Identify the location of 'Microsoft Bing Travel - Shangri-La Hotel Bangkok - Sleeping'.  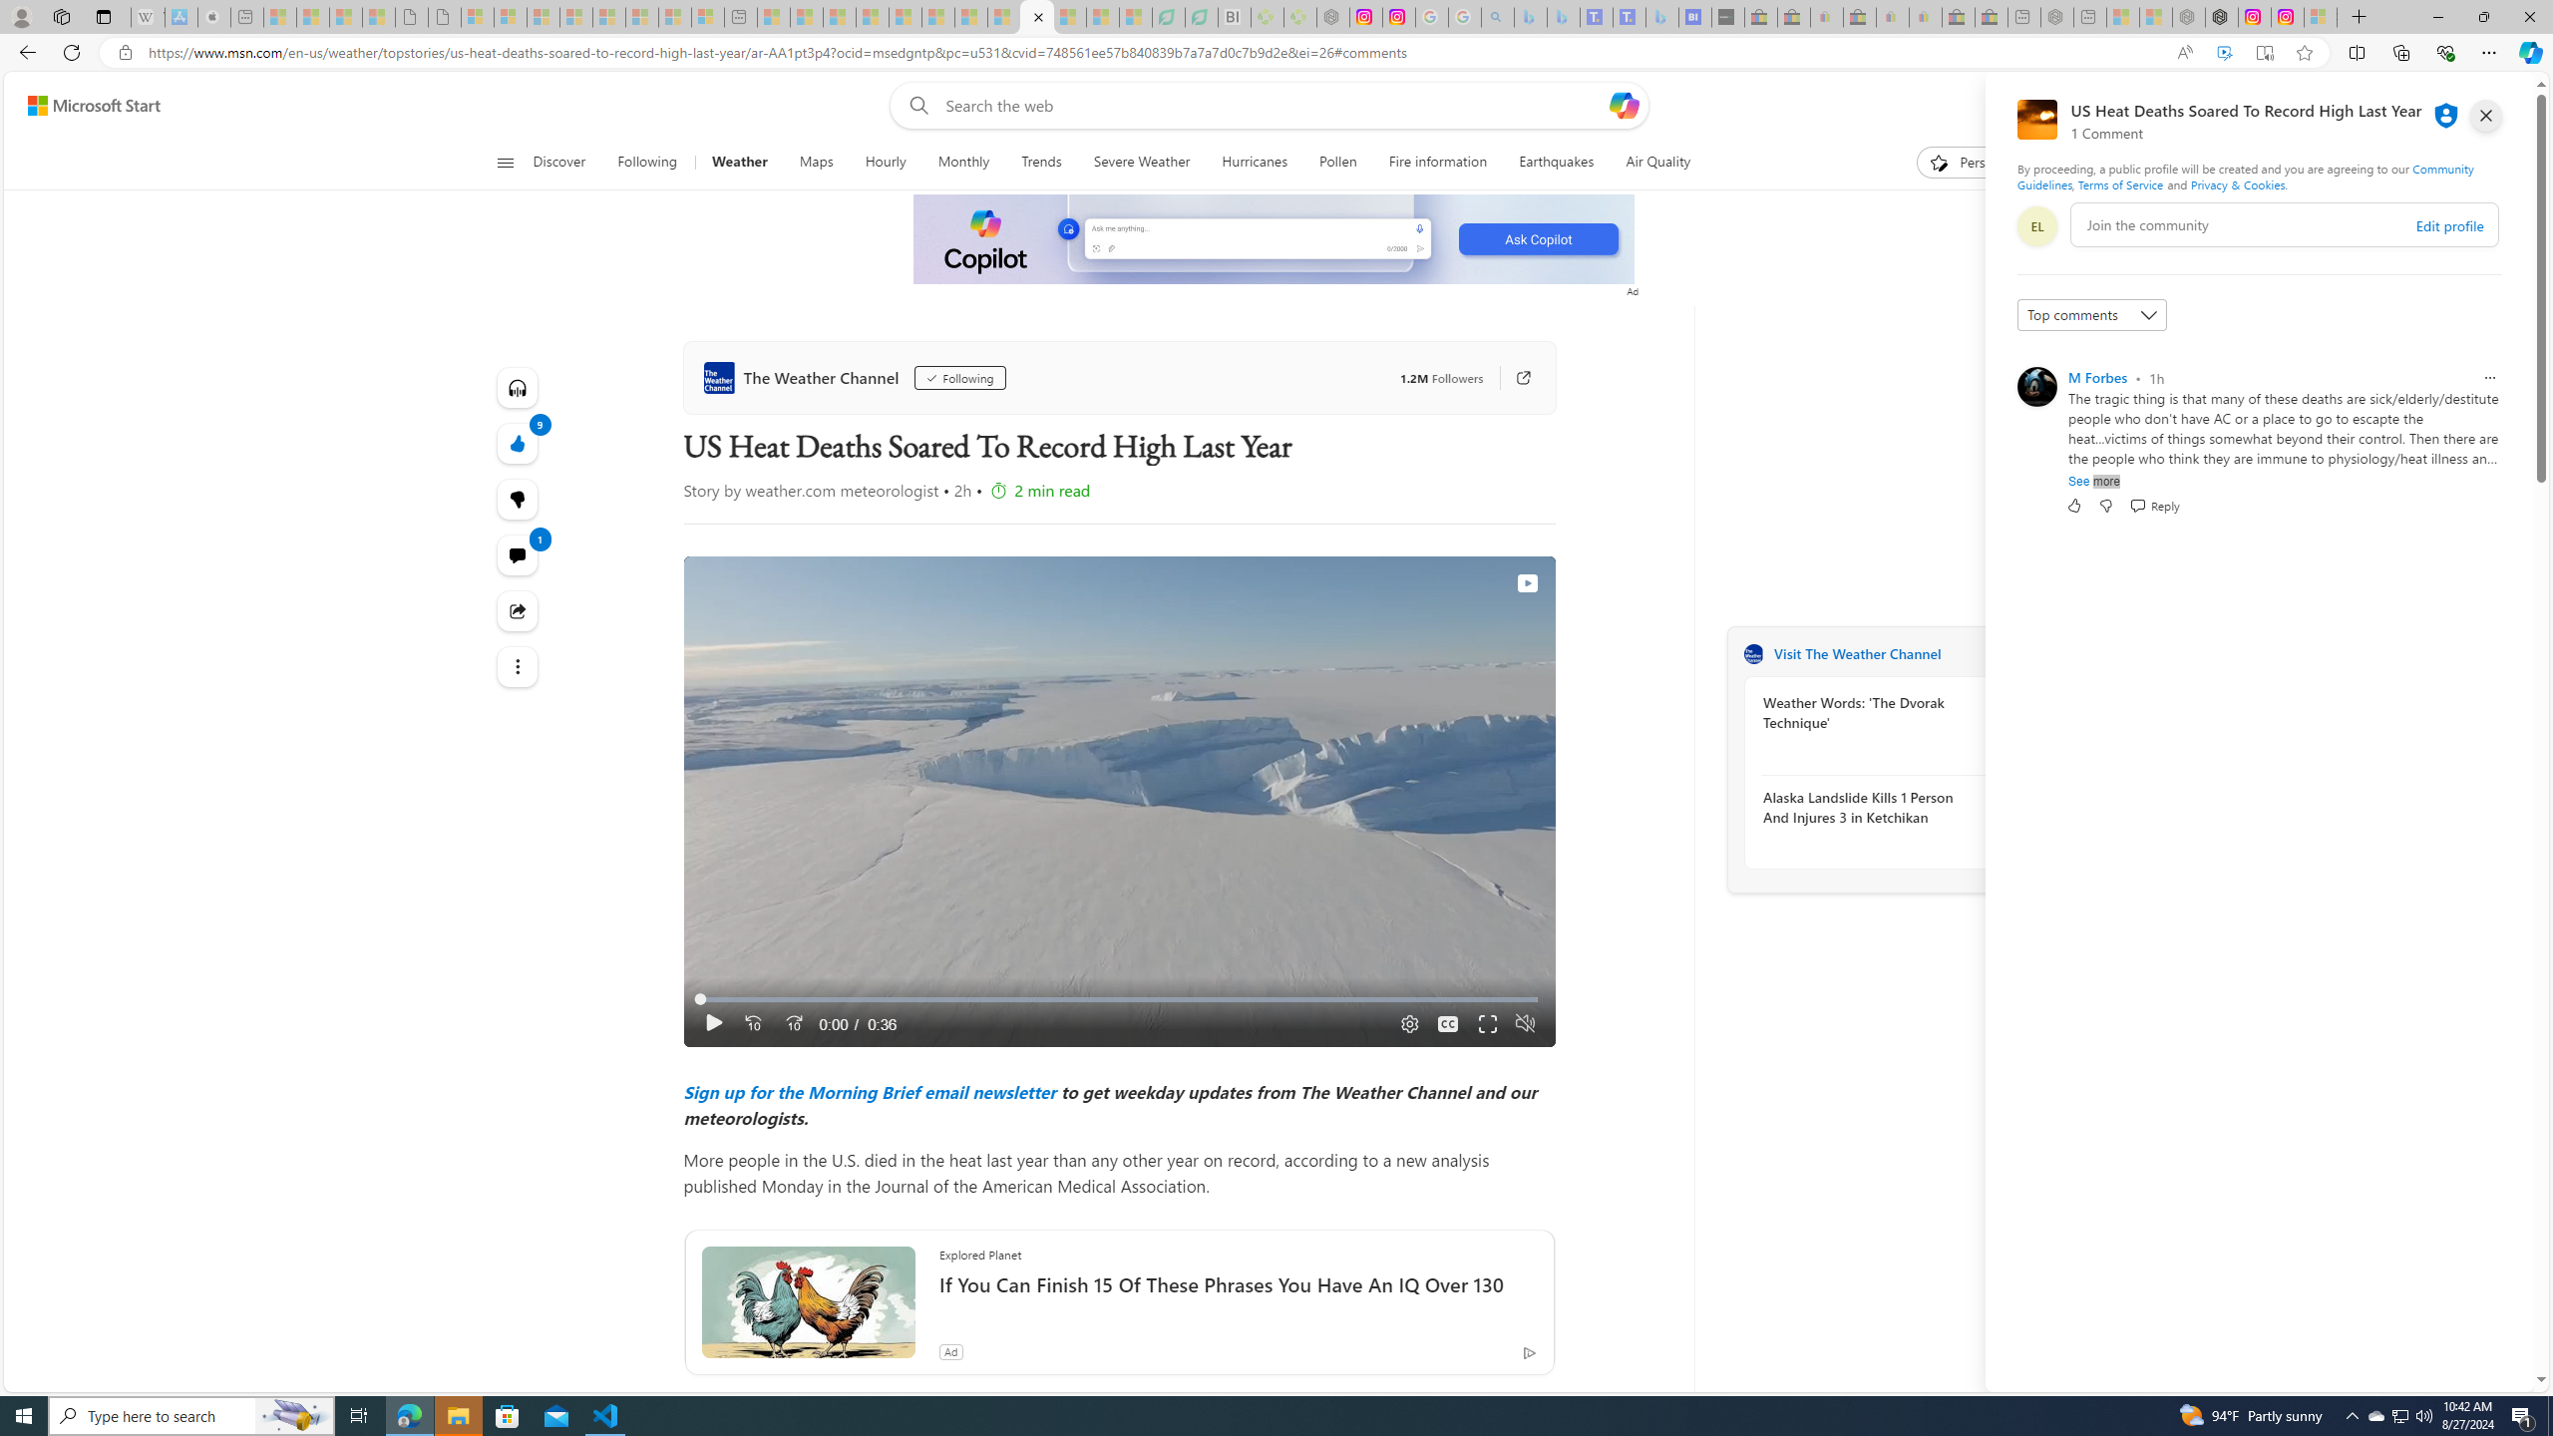
(1661, 16).